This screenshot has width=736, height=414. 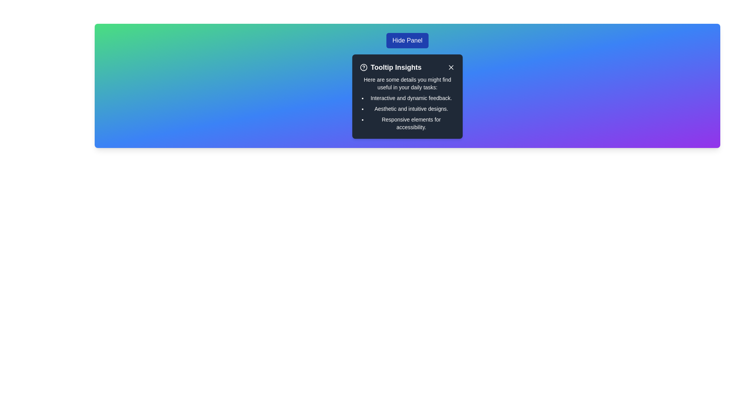 I want to click on the circular SVG element located inside the icon region next to the 'Tooltip Insights' text in the popup tooltip, so click(x=363, y=67).